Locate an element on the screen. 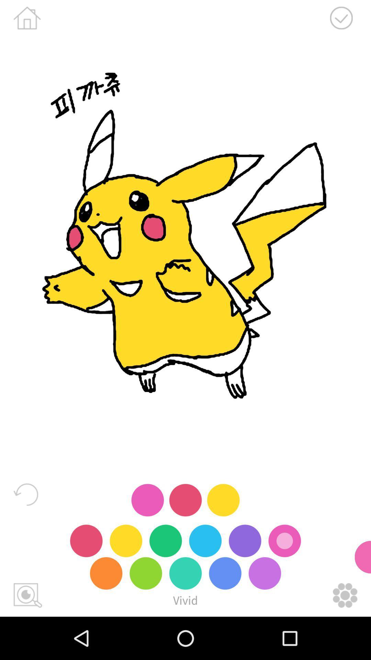 This screenshot has width=371, height=660. zoom in or out is located at coordinates (27, 595).